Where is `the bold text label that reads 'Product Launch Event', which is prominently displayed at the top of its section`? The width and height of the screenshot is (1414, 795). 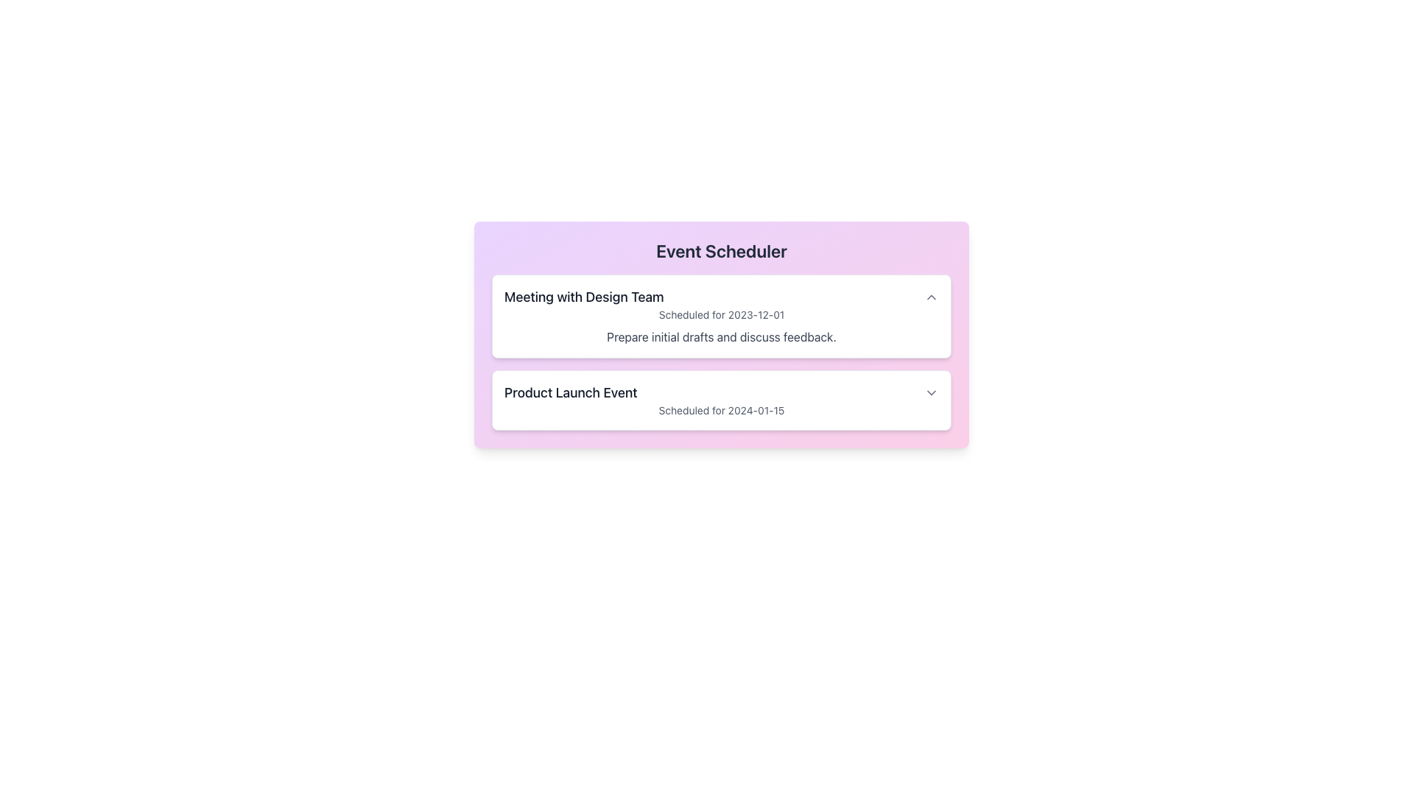
the bold text label that reads 'Product Launch Event', which is prominently displayed at the top of its section is located at coordinates (570, 392).